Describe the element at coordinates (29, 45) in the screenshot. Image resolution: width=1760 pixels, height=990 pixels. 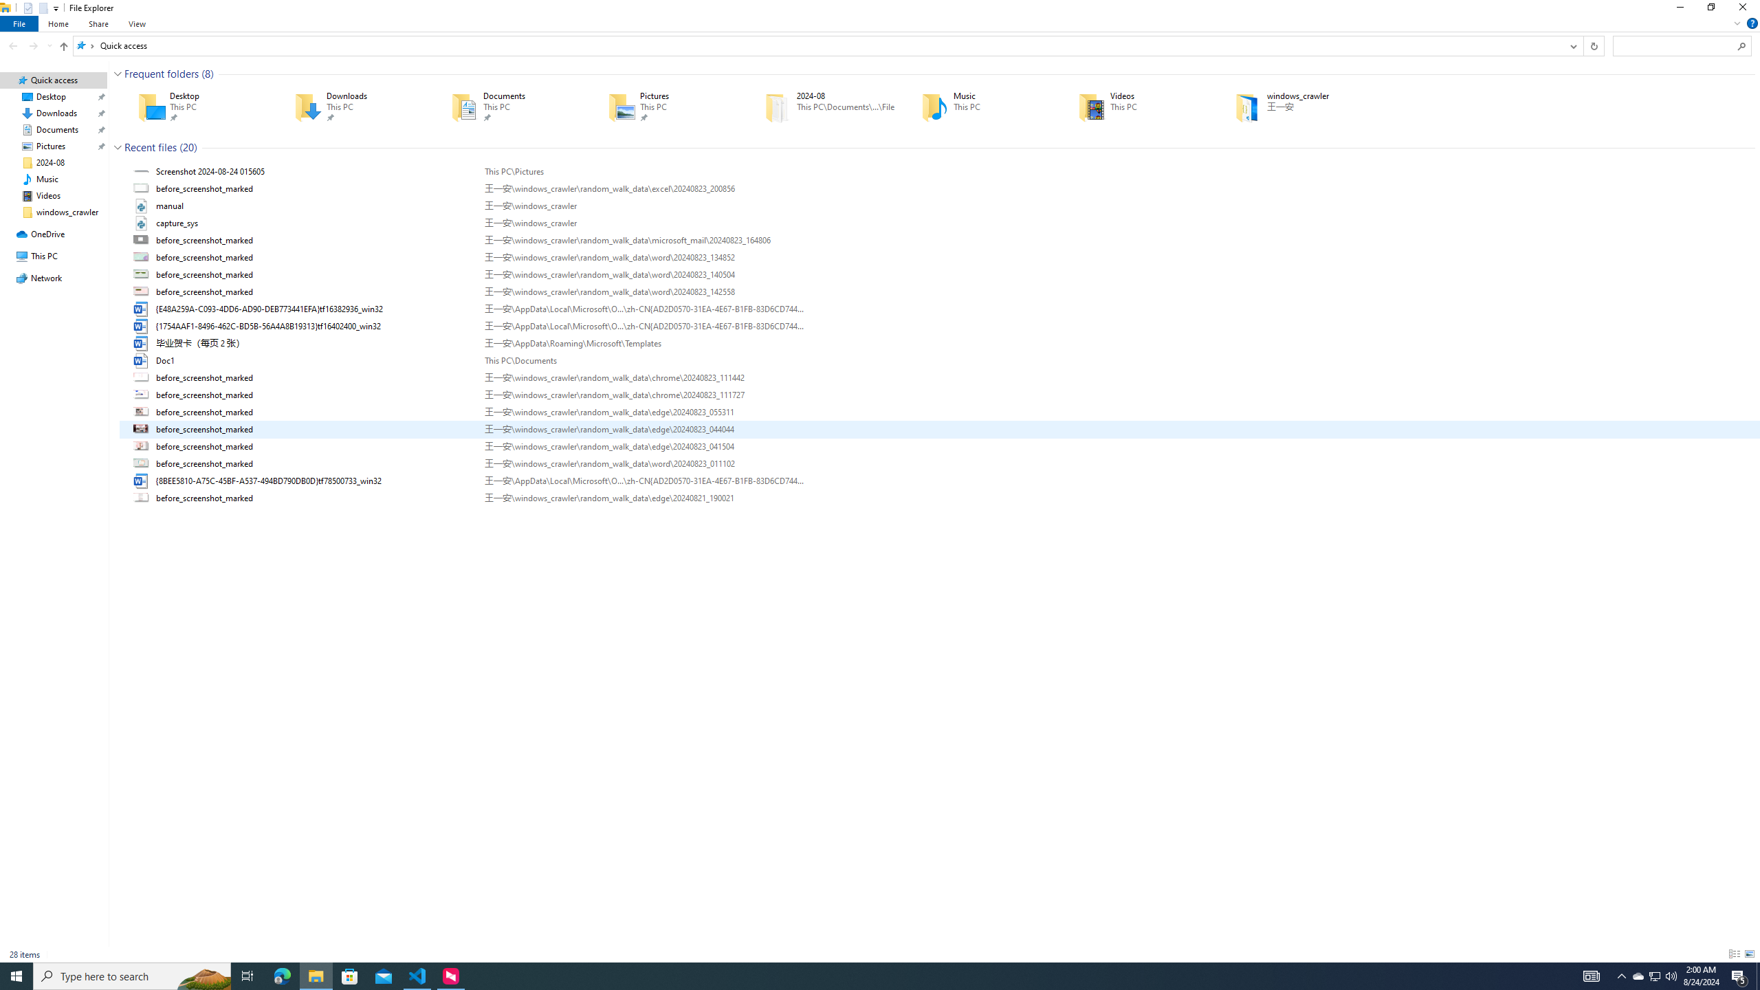
I see `'Navigation buttons'` at that location.